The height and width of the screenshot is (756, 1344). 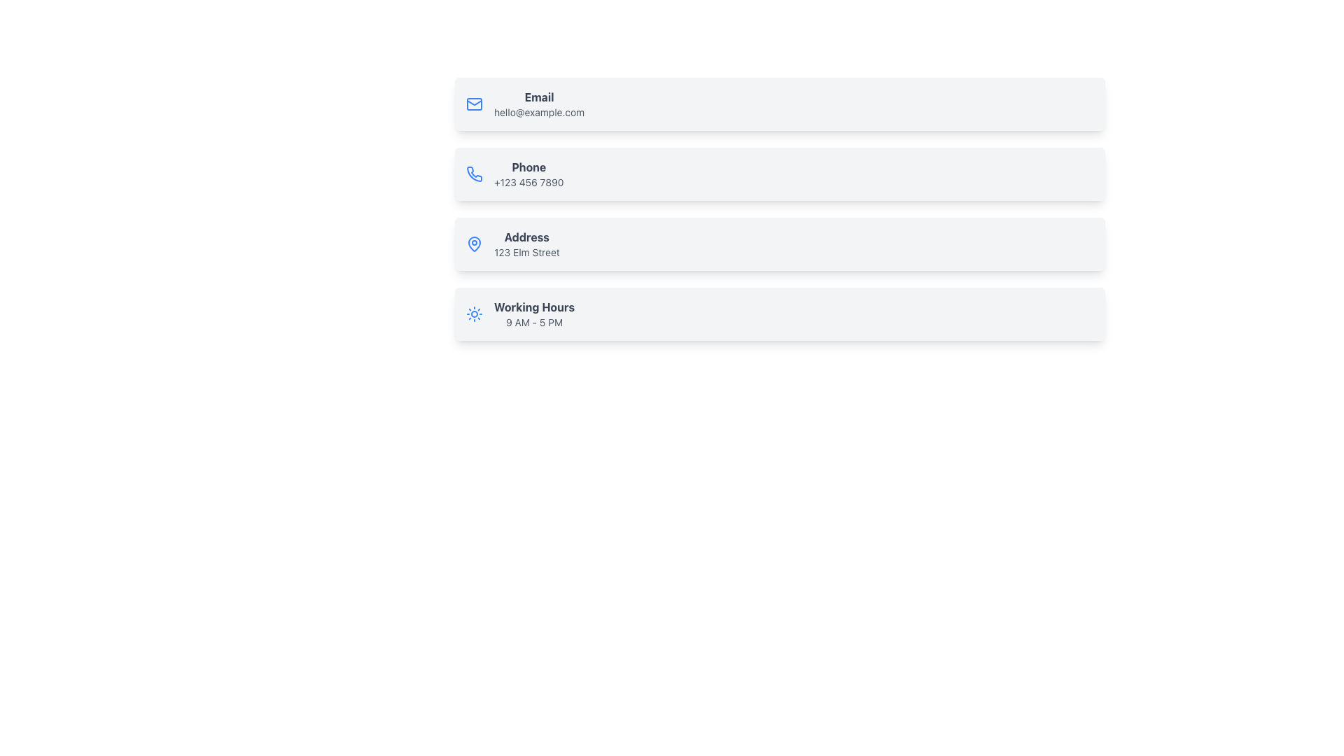 What do you see at coordinates (538, 112) in the screenshot?
I see `the email address text label located directly below the 'Email' label in the contact information section, if it is interactive` at bounding box center [538, 112].